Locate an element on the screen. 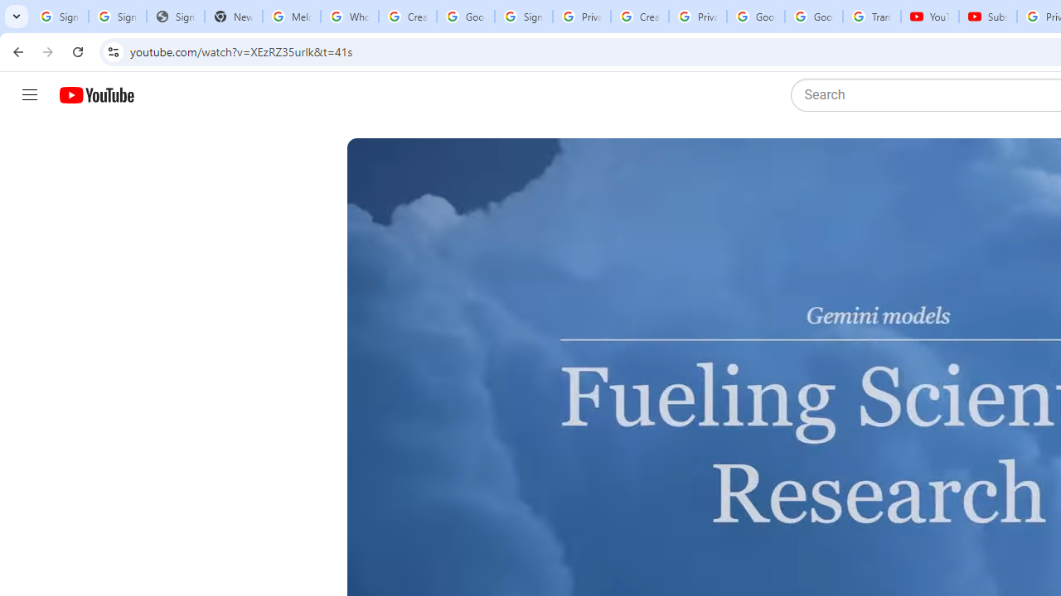  'Sign in - Google Accounts' is located at coordinates (522, 17).